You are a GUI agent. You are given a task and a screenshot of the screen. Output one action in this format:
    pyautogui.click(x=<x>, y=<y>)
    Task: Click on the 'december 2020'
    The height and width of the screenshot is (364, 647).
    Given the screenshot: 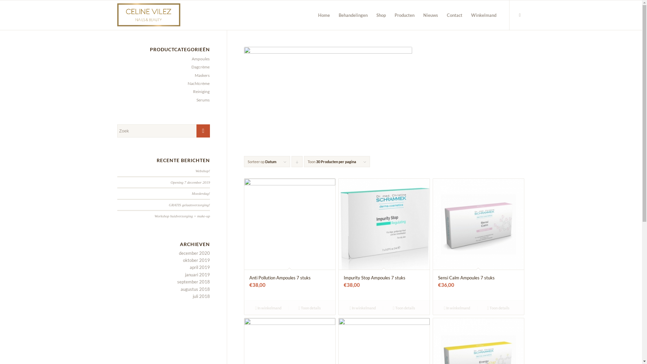 What is the action you would take?
    pyautogui.click(x=194, y=253)
    